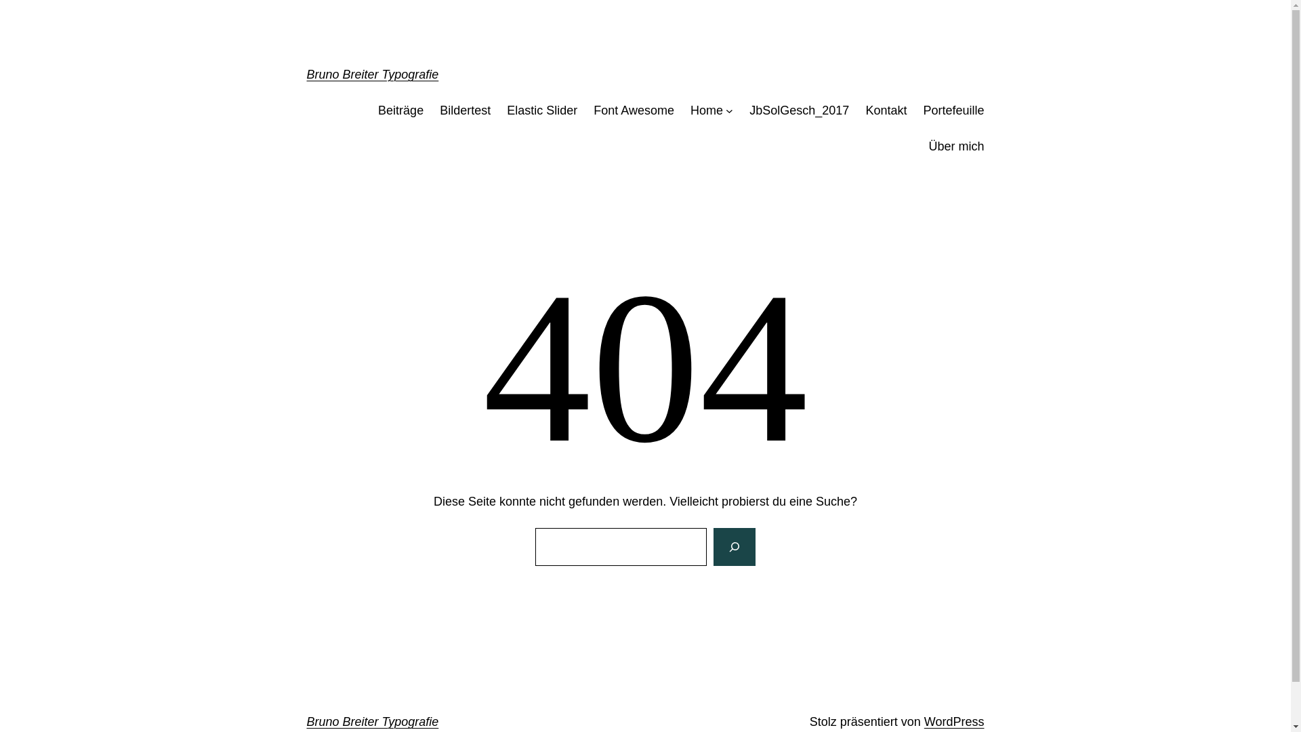 The width and height of the screenshot is (1301, 732). What do you see at coordinates (799, 110) in the screenshot?
I see `'JbSolGesch_2017'` at bounding box center [799, 110].